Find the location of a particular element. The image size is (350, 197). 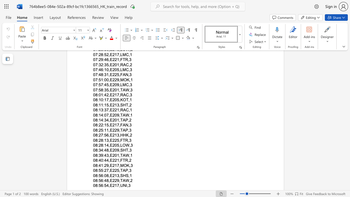

the space between the continuous character "9" and "," in the text is located at coordinates (108, 165).